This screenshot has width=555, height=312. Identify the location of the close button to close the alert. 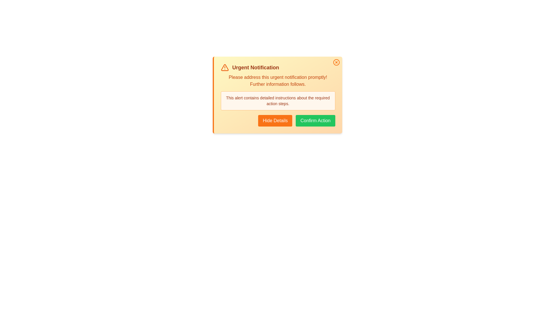
(336, 62).